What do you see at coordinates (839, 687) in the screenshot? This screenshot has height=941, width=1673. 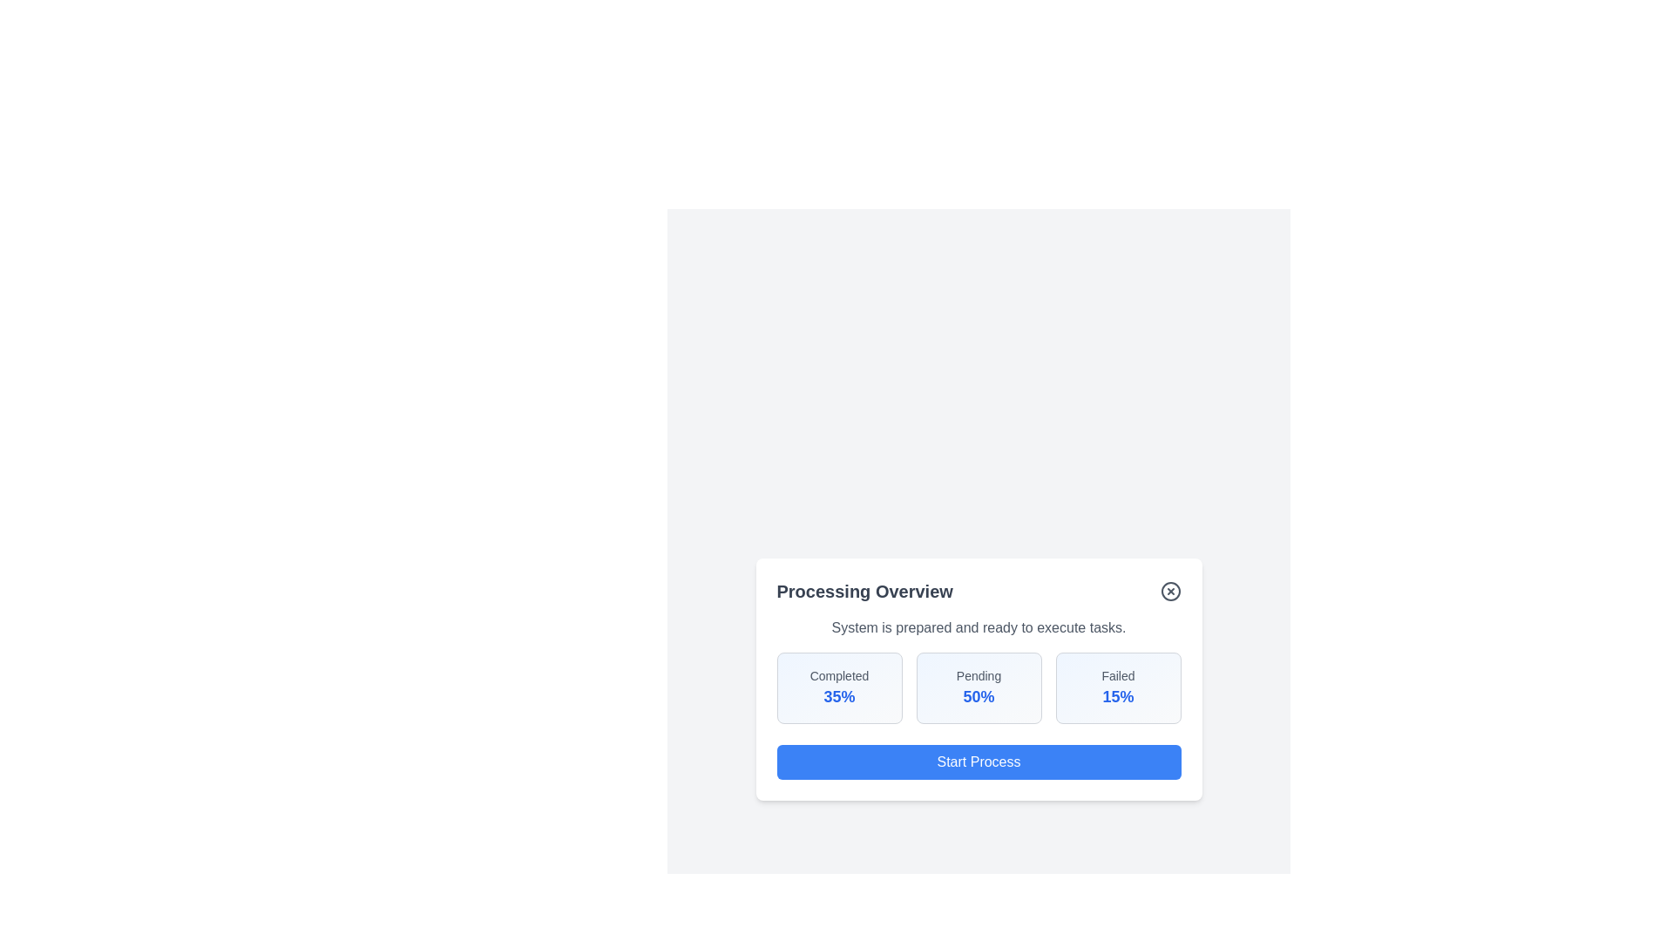 I see `the statistic box labeled 'Completed' to analyze its content` at bounding box center [839, 687].